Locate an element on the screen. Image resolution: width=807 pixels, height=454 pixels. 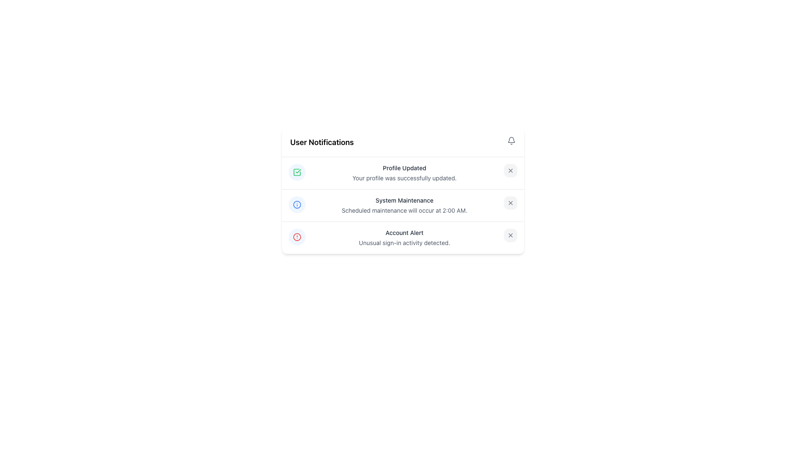
text label that displays 'Unusual sign-in activity detected.' which is styled in a small font size and light gray color, located below the 'Account Alert' text is located at coordinates (404, 243).